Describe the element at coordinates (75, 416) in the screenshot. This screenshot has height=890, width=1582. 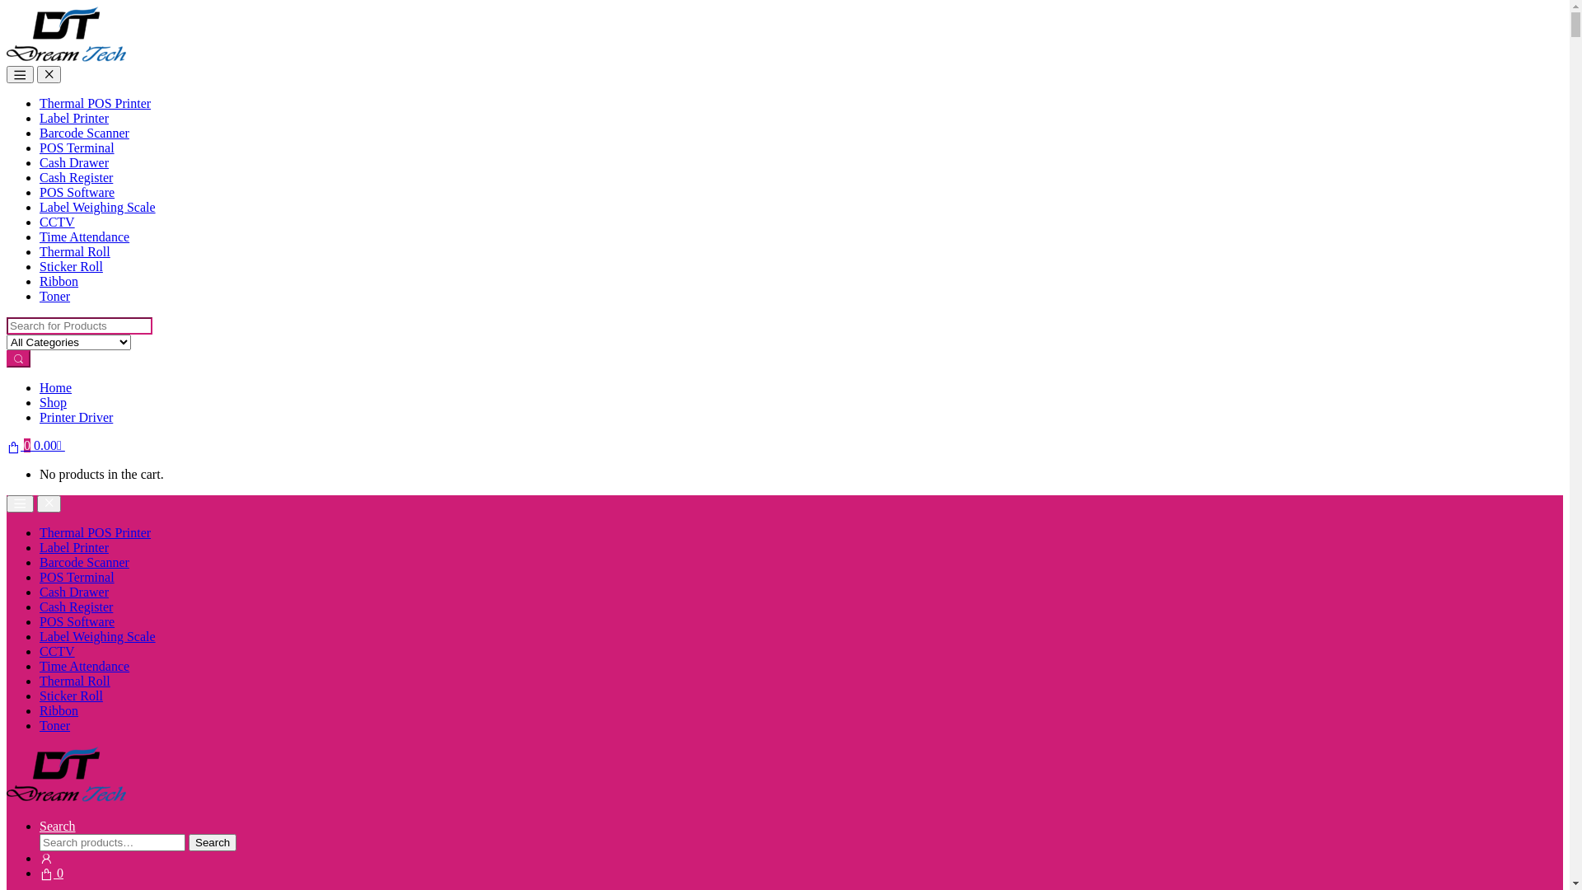
I see `'Printer Driver'` at that location.